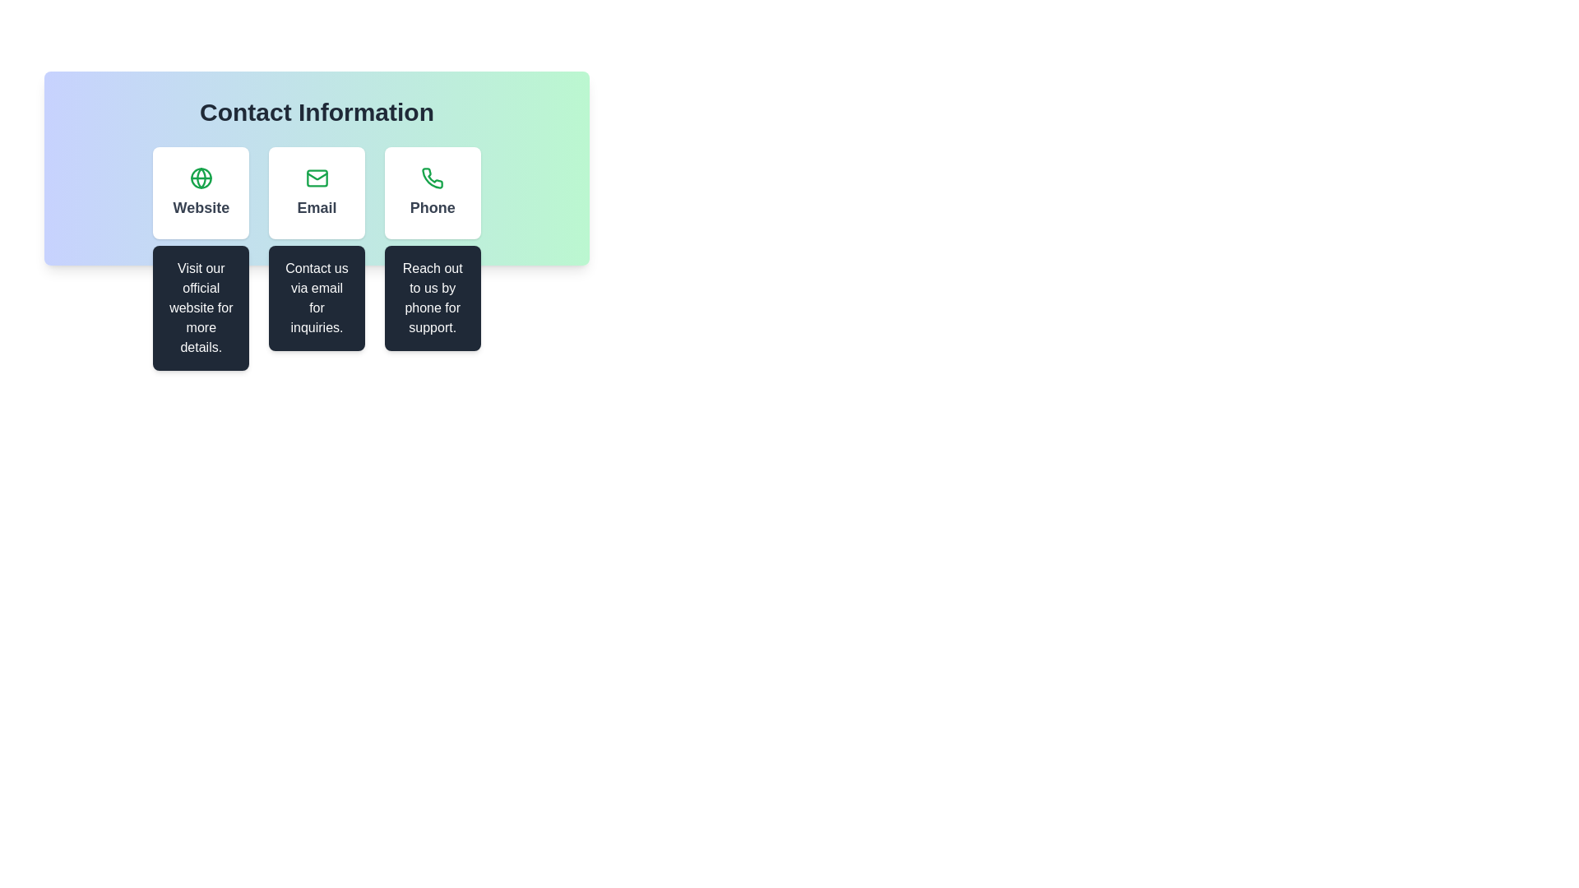  Describe the element at coordinates (433, 192) in the screenshot. I see `the Informational Card with a green phone icon and the label 'Phone' located at the far right of the row under 'Contact Information'` at that location.